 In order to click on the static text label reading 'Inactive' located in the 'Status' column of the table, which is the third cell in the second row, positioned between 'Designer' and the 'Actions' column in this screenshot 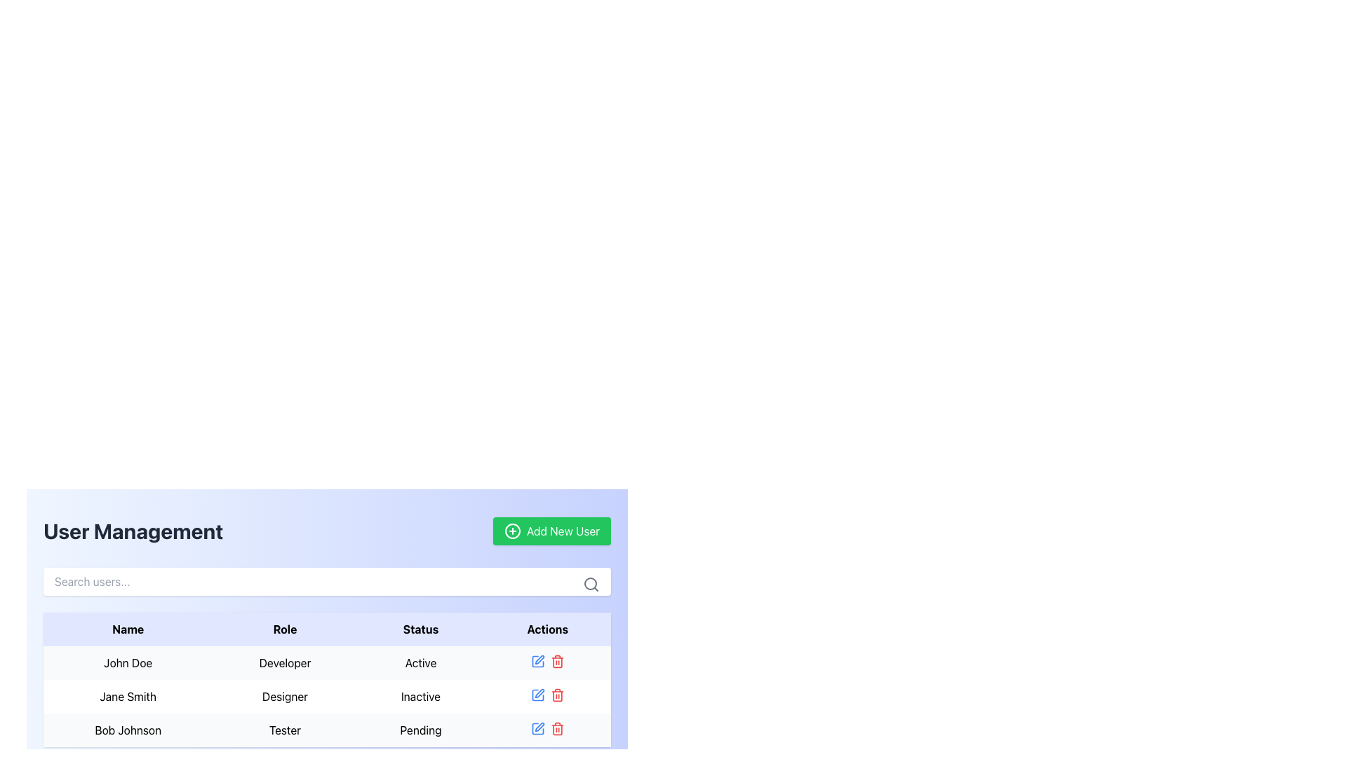, I will do `click(420, 697)`.